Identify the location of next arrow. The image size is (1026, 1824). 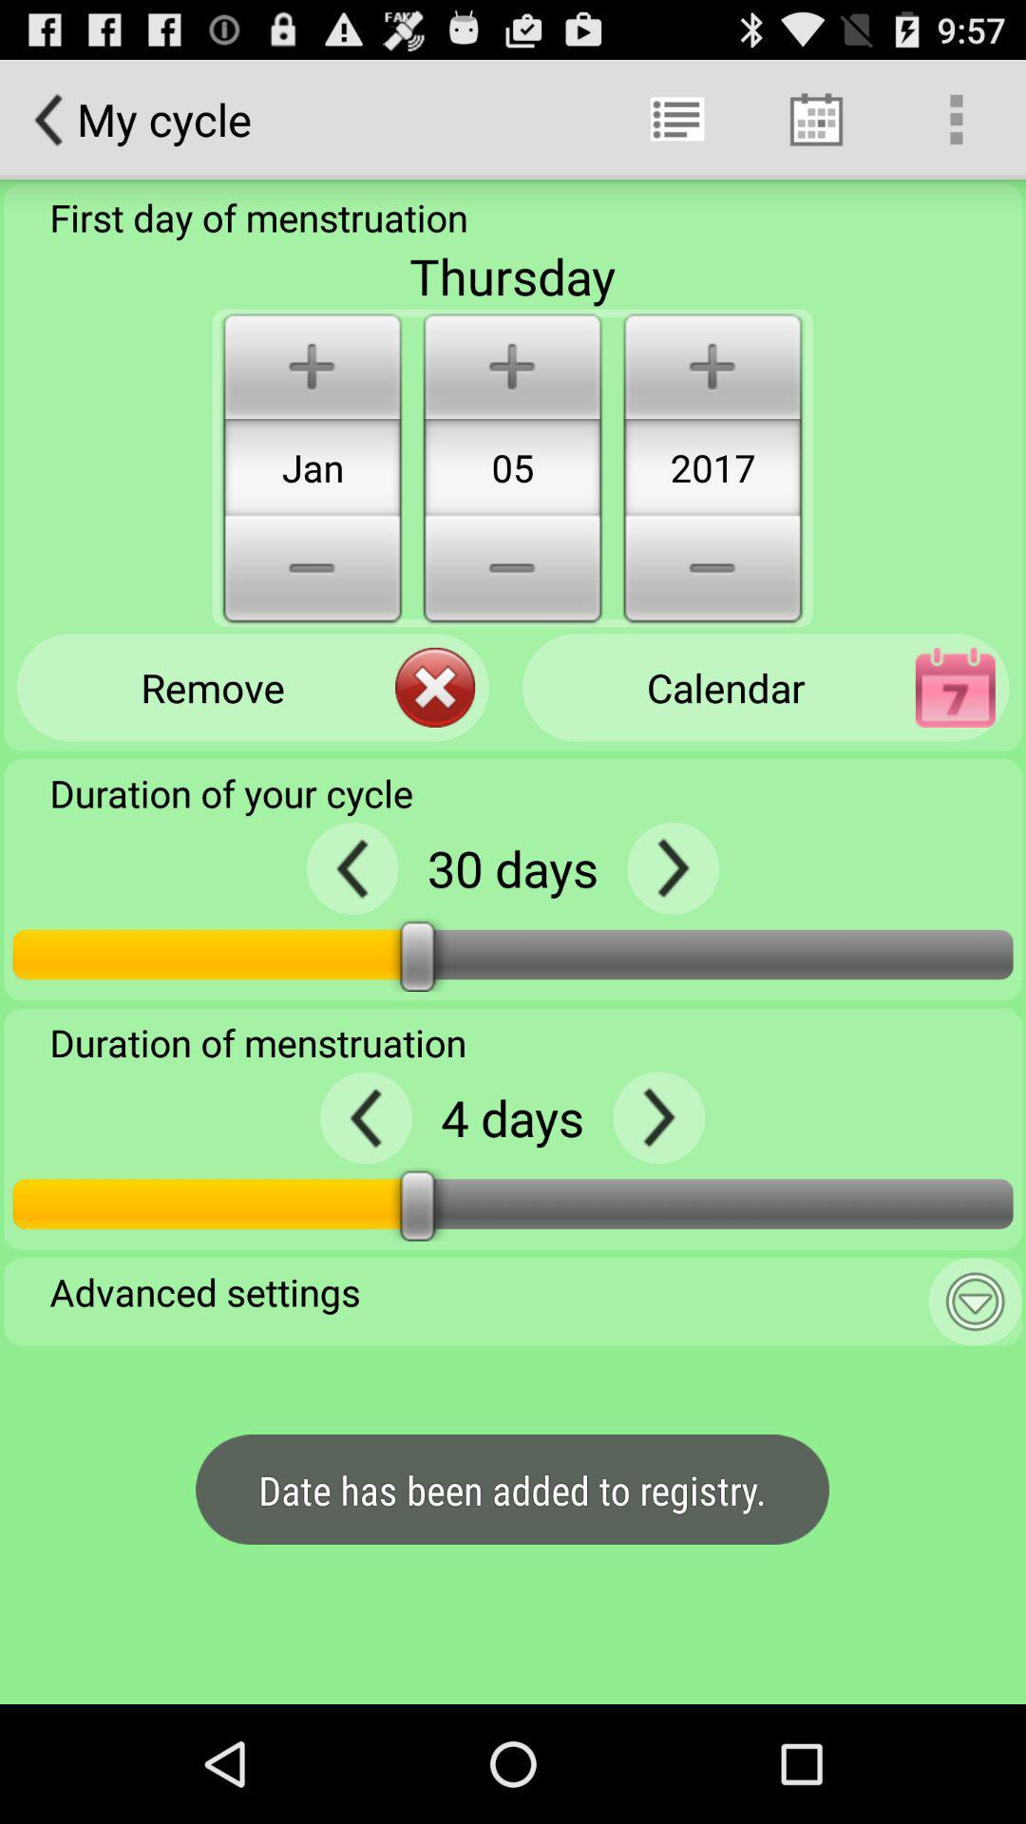
(657, 1117).